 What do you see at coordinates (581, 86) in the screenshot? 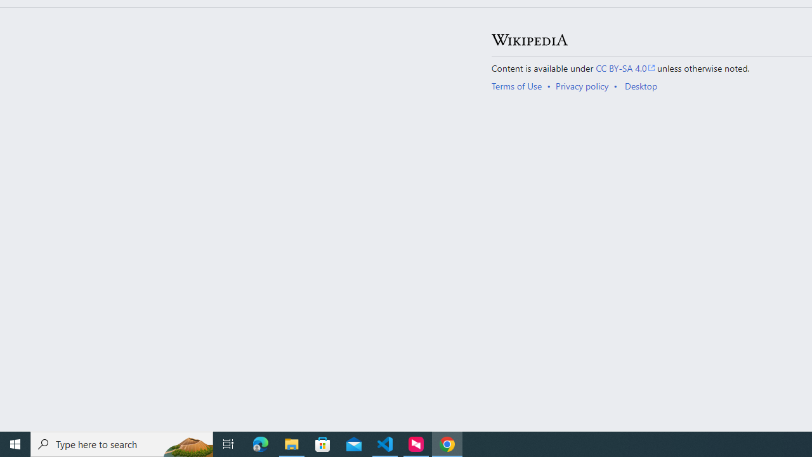
I see `'Privacy policy'` at bounding box center [581, 86].